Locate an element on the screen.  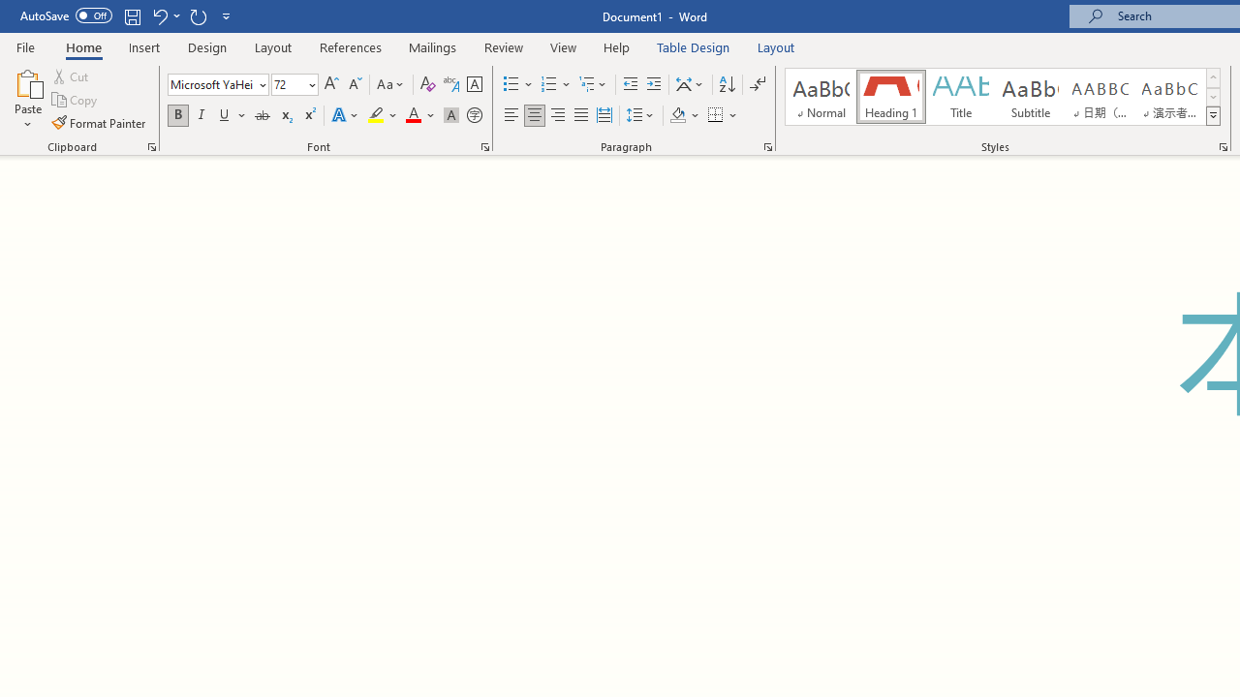
'Title' is located at coordinates (961, 97).